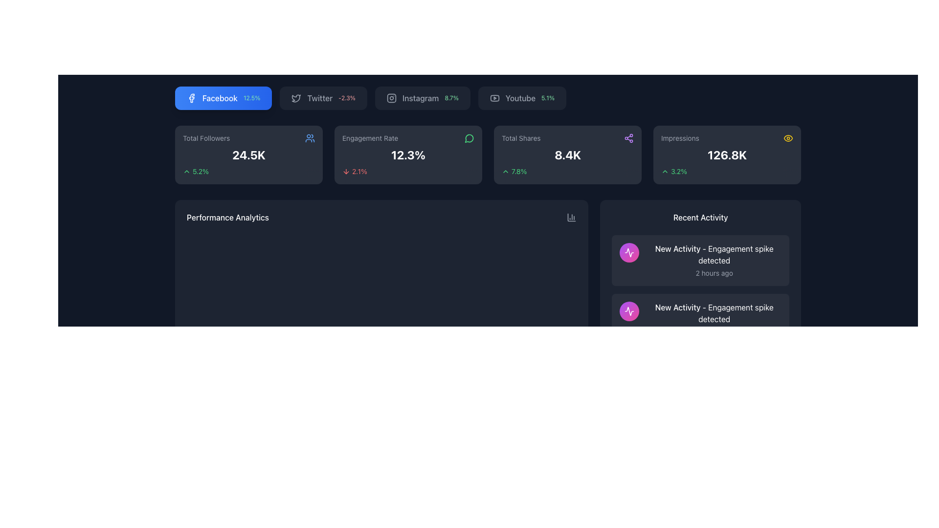 The height and width of the screenshot is (528, 939). Describe the element at coordinates (572, 217) in the screenshot. I see `the vertical bar chart icon in the top-right section of the dark-themed dashboard labeled 'Performance Analytics'` at that location.